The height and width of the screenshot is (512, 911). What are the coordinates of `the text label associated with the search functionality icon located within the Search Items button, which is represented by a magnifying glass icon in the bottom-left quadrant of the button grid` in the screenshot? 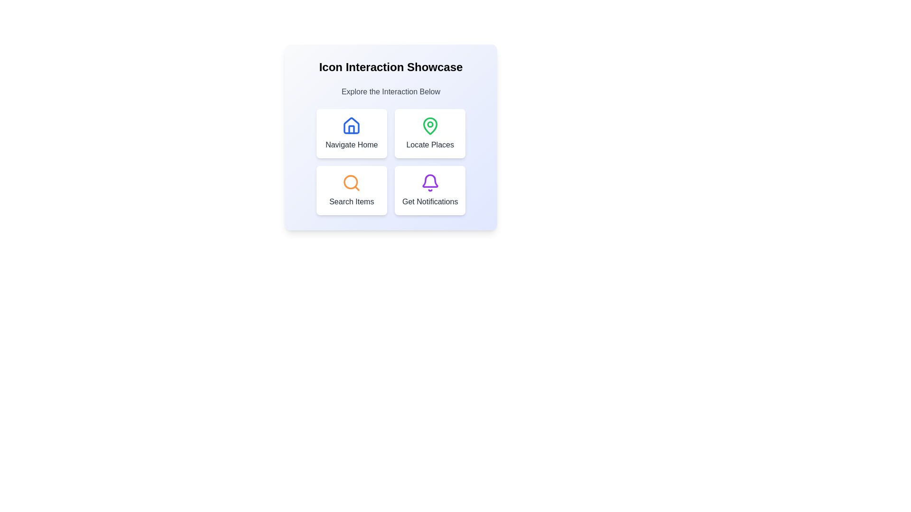 It's located at (350, 182).